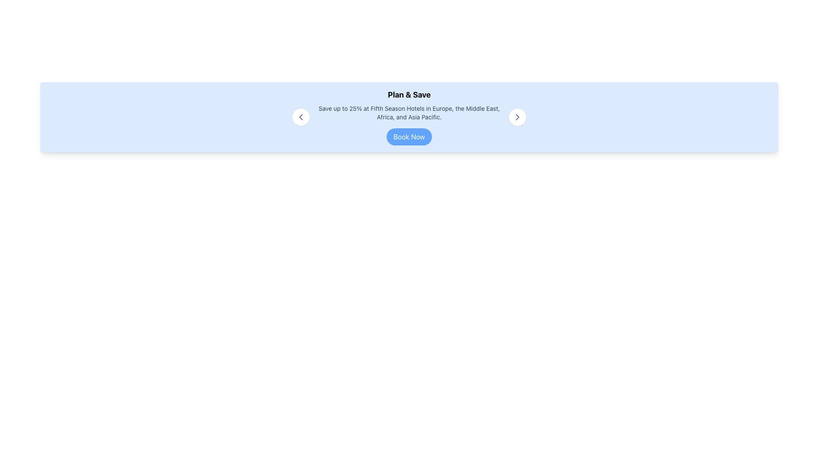 This screenshot has width=822, height=462. I want to click on the left-pointing chevron icon contained within a circular white button on the left side of the horizontal blue banner, so click(301, 117).